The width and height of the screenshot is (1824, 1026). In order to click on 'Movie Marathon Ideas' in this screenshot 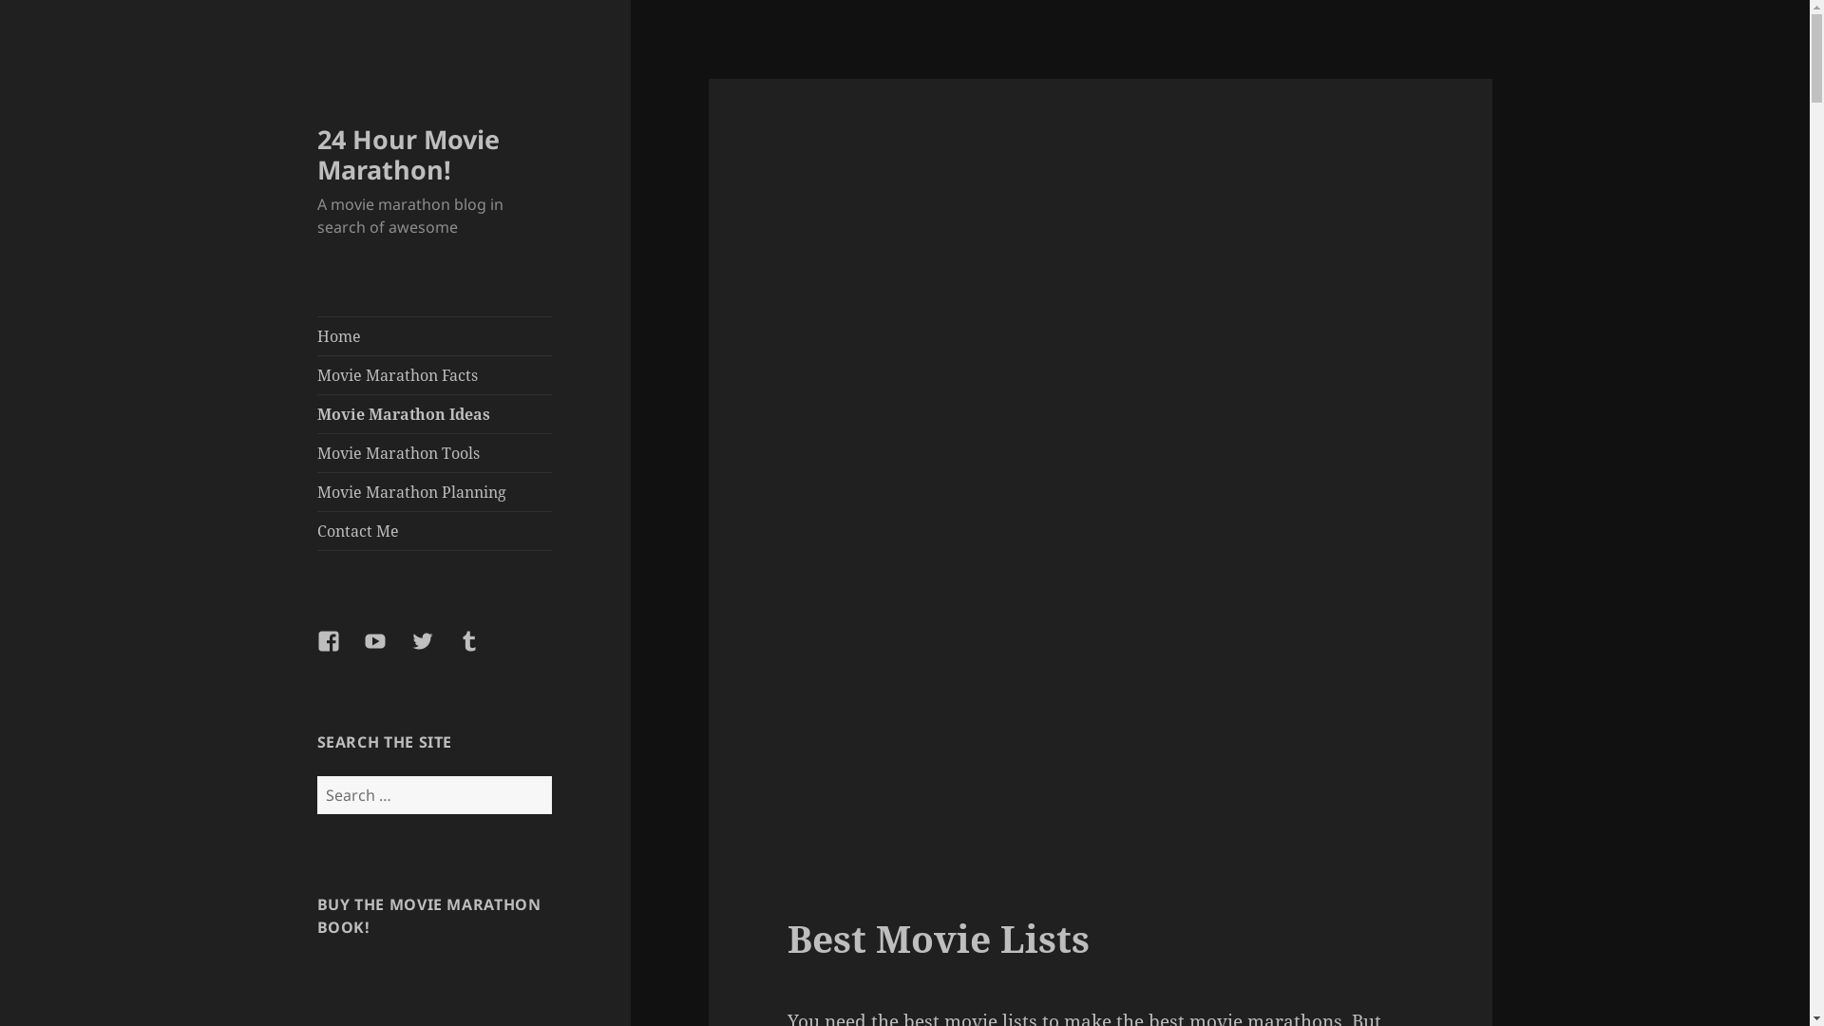, I will do `click(433, 412)`.